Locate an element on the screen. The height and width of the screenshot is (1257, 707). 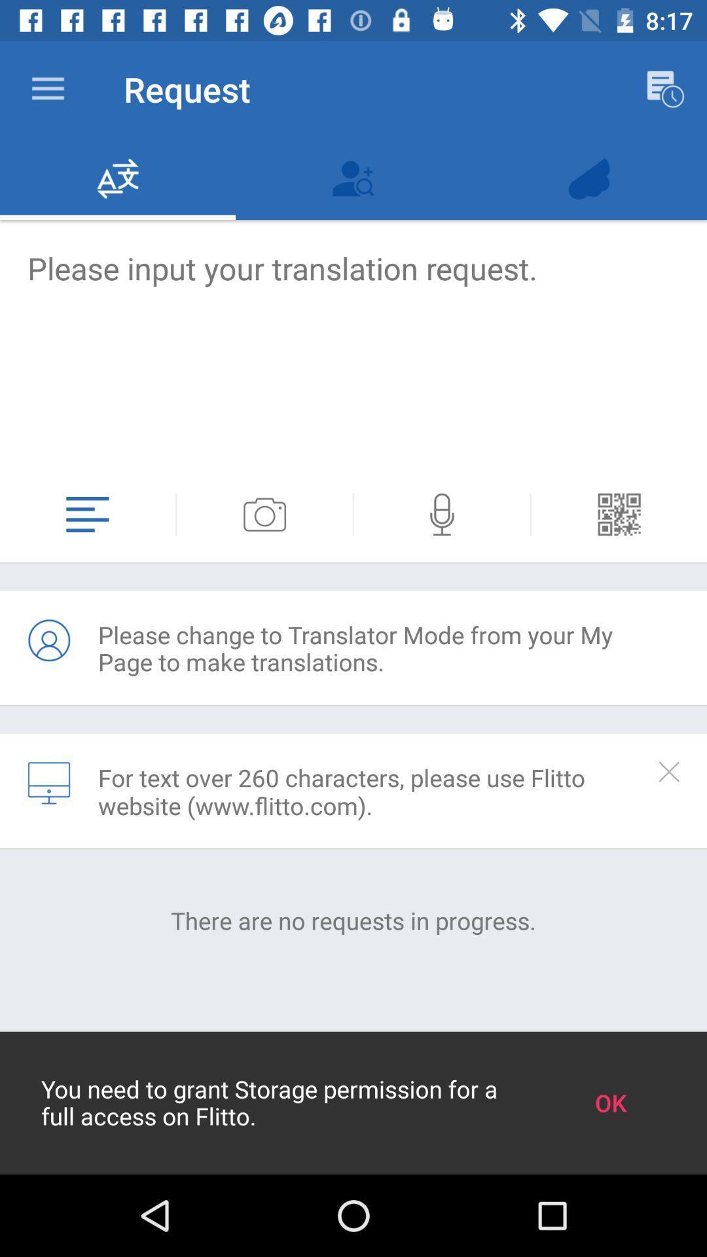
icon above the there are no app is located at coordinates (48, 783).